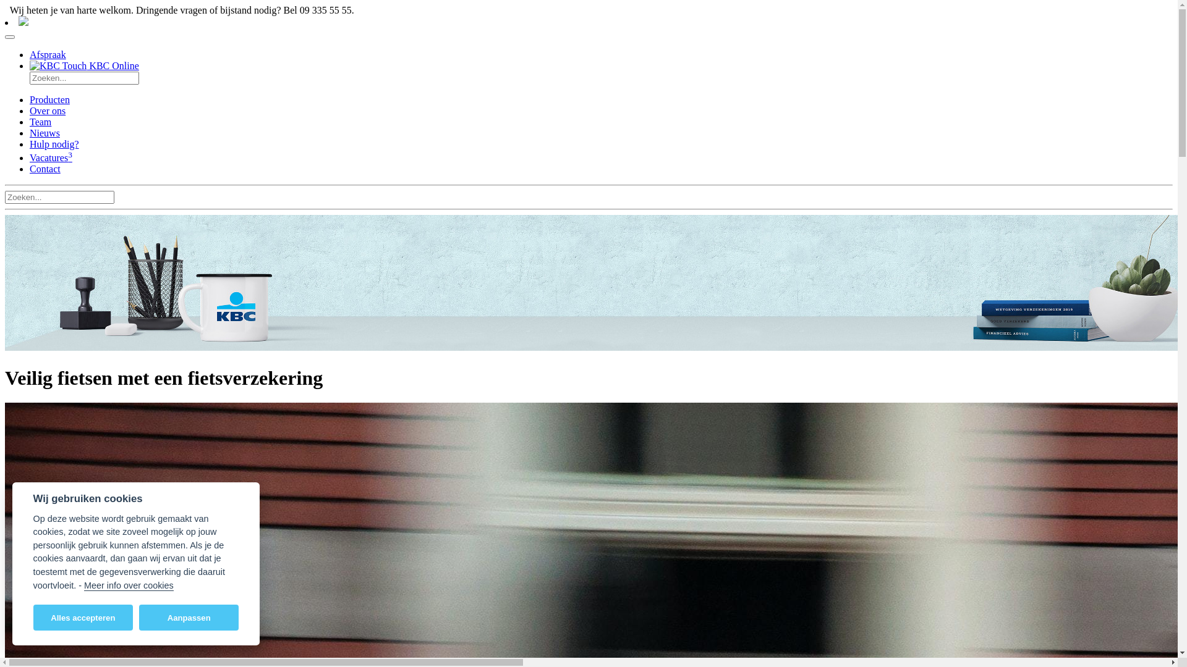 This screenshot has height=667, width=1187. What do you see at coordinates (45, 169) in the screenshot?
I see `'Contact'` at bounding box center [45, 169].